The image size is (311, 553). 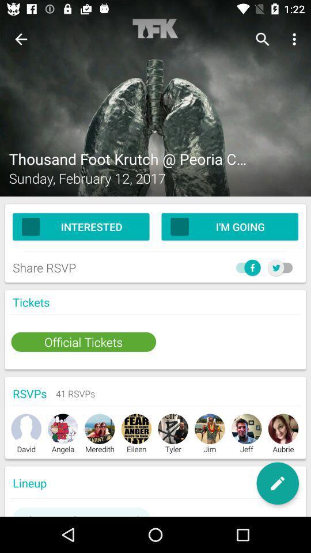 I want to click on the edit icon, so click(x=277, y=483).